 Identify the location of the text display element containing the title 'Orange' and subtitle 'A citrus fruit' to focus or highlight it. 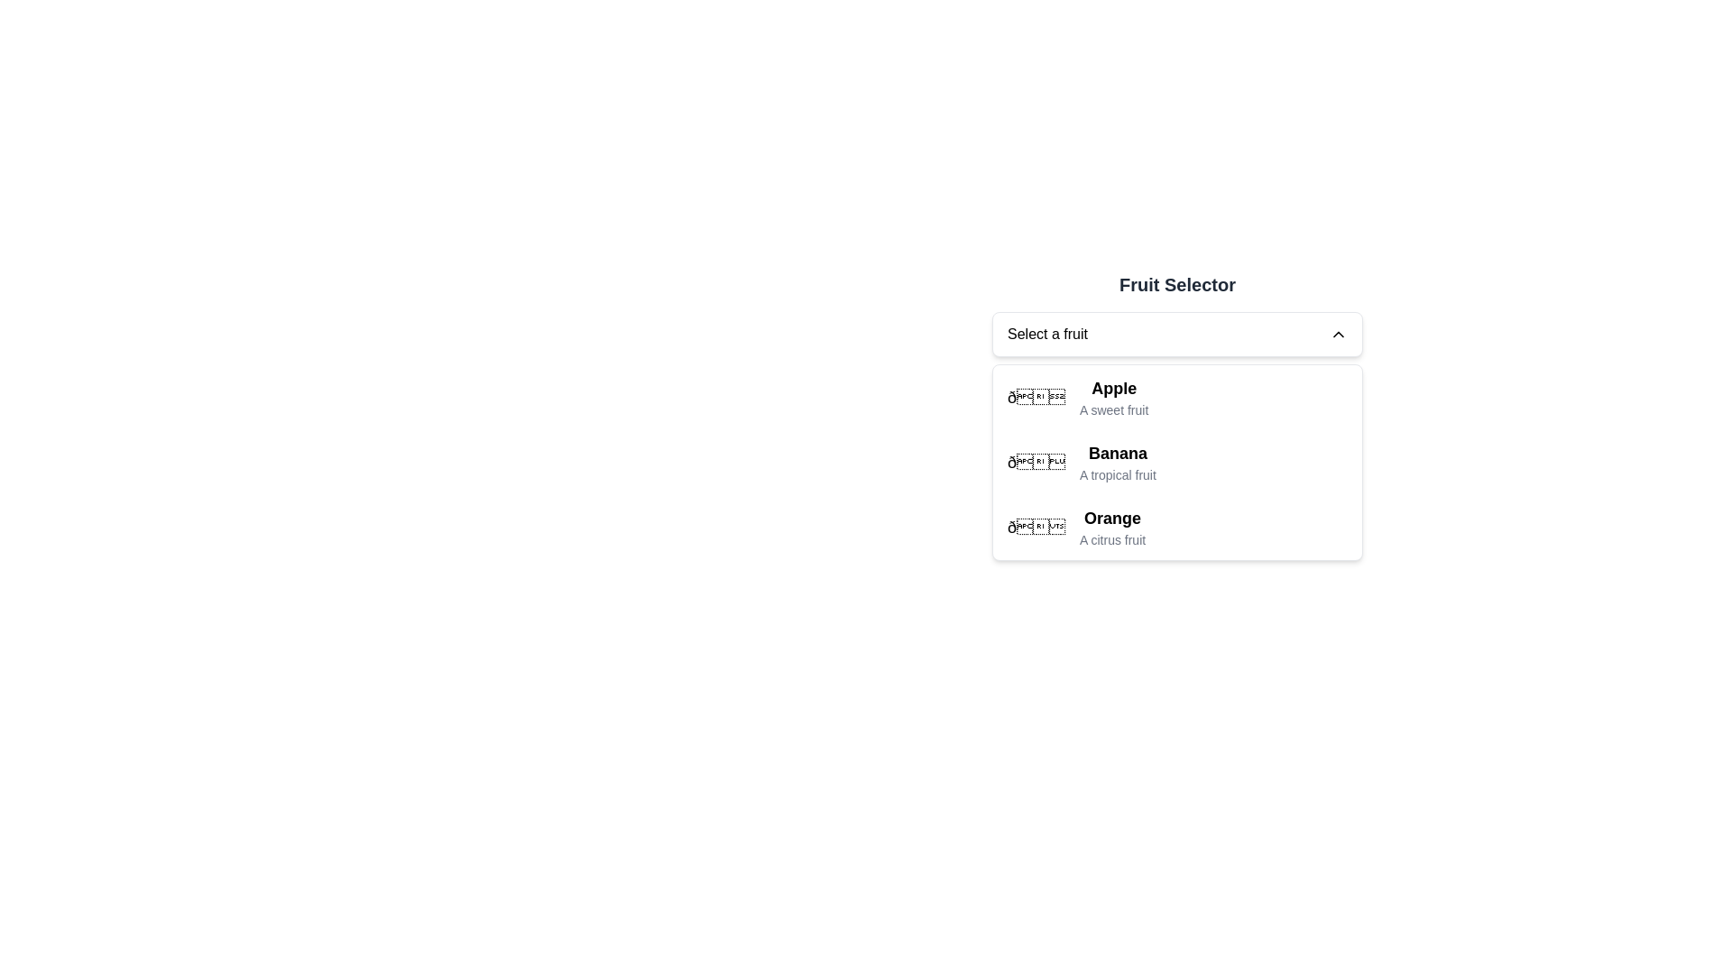
(1111, 528).